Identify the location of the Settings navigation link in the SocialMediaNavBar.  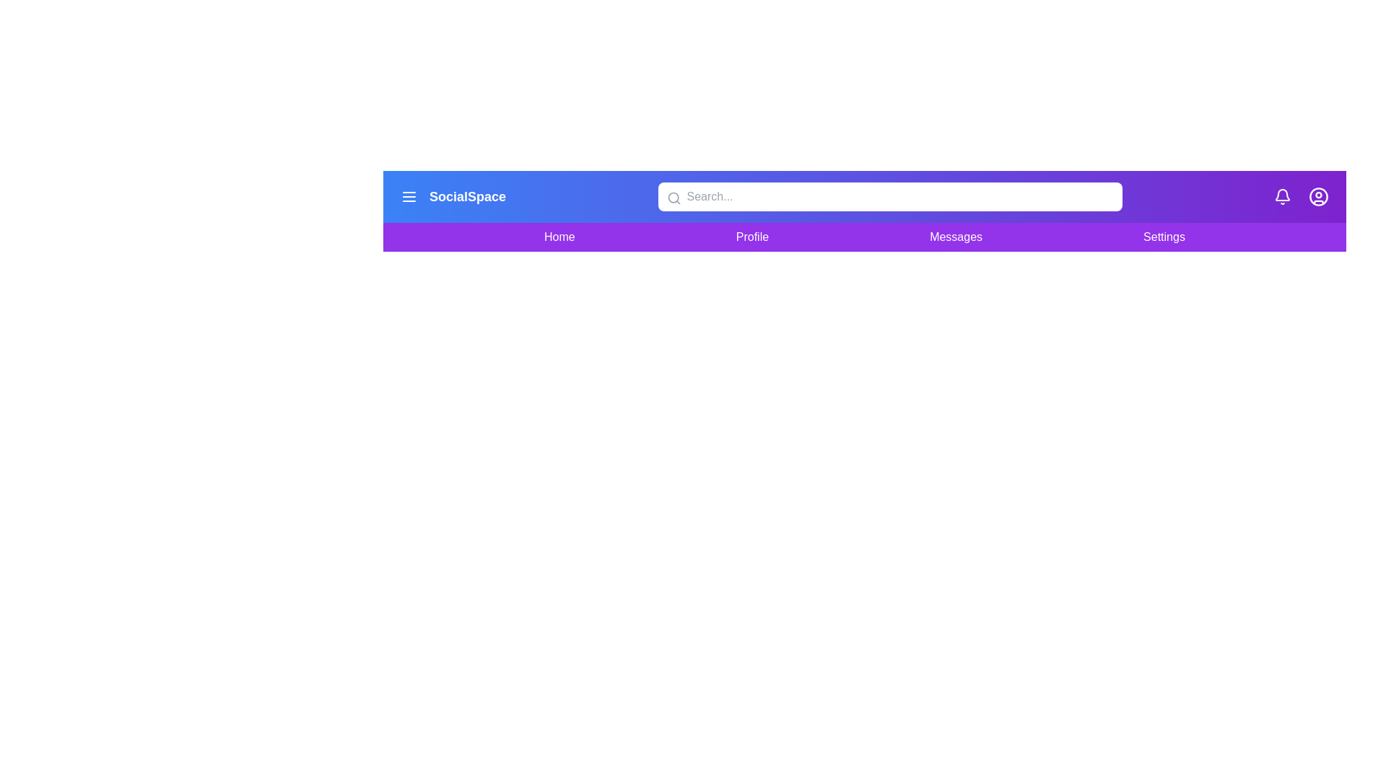
(1164, 236).